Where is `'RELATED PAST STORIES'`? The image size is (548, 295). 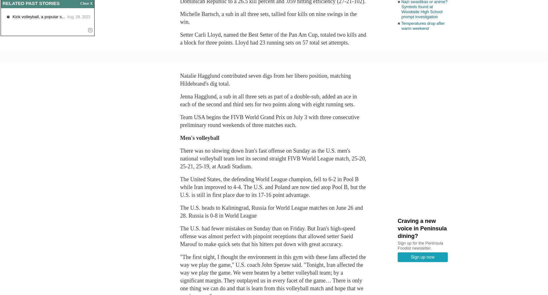 'RELATED PAST STORIES' is located at coordinates (31, 3).